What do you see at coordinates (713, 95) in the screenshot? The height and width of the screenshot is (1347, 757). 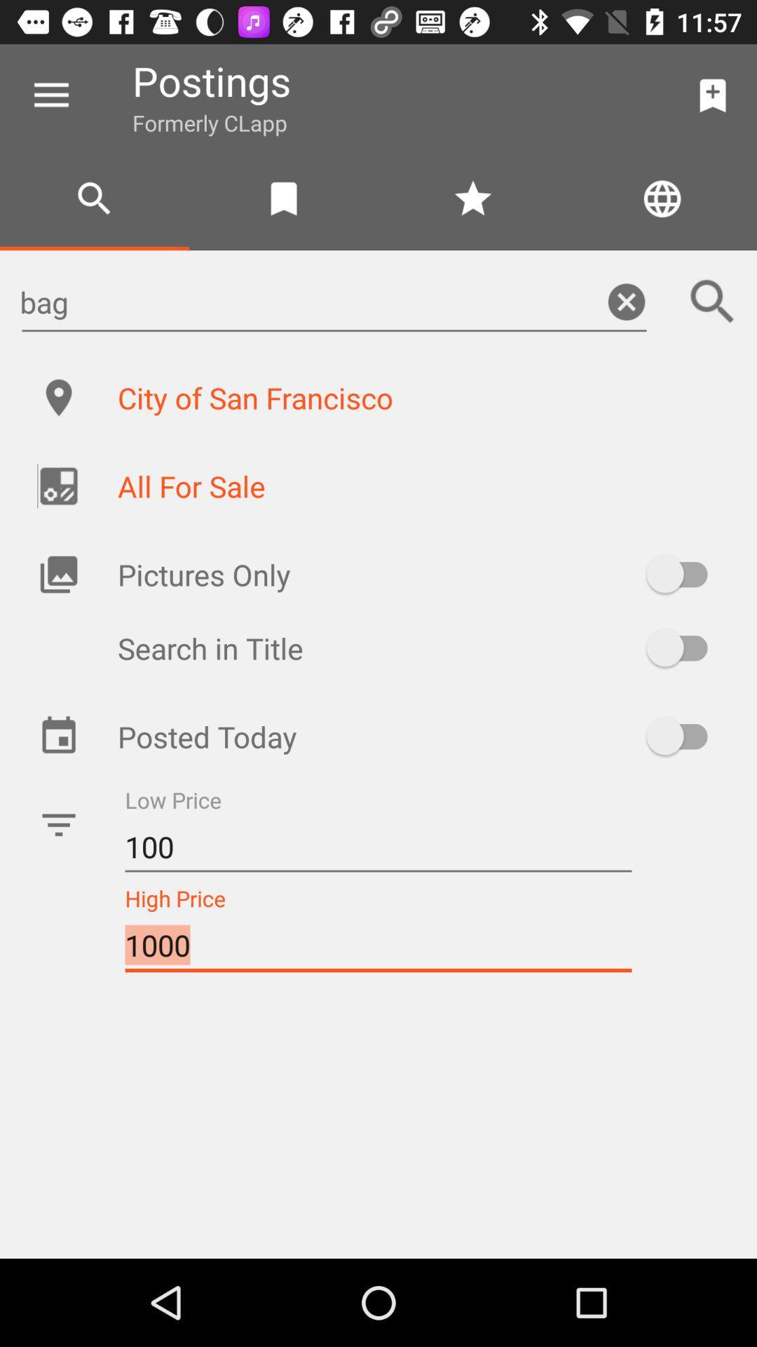 I see `icon to the right of postings icon` at bounding box center [713, 95].